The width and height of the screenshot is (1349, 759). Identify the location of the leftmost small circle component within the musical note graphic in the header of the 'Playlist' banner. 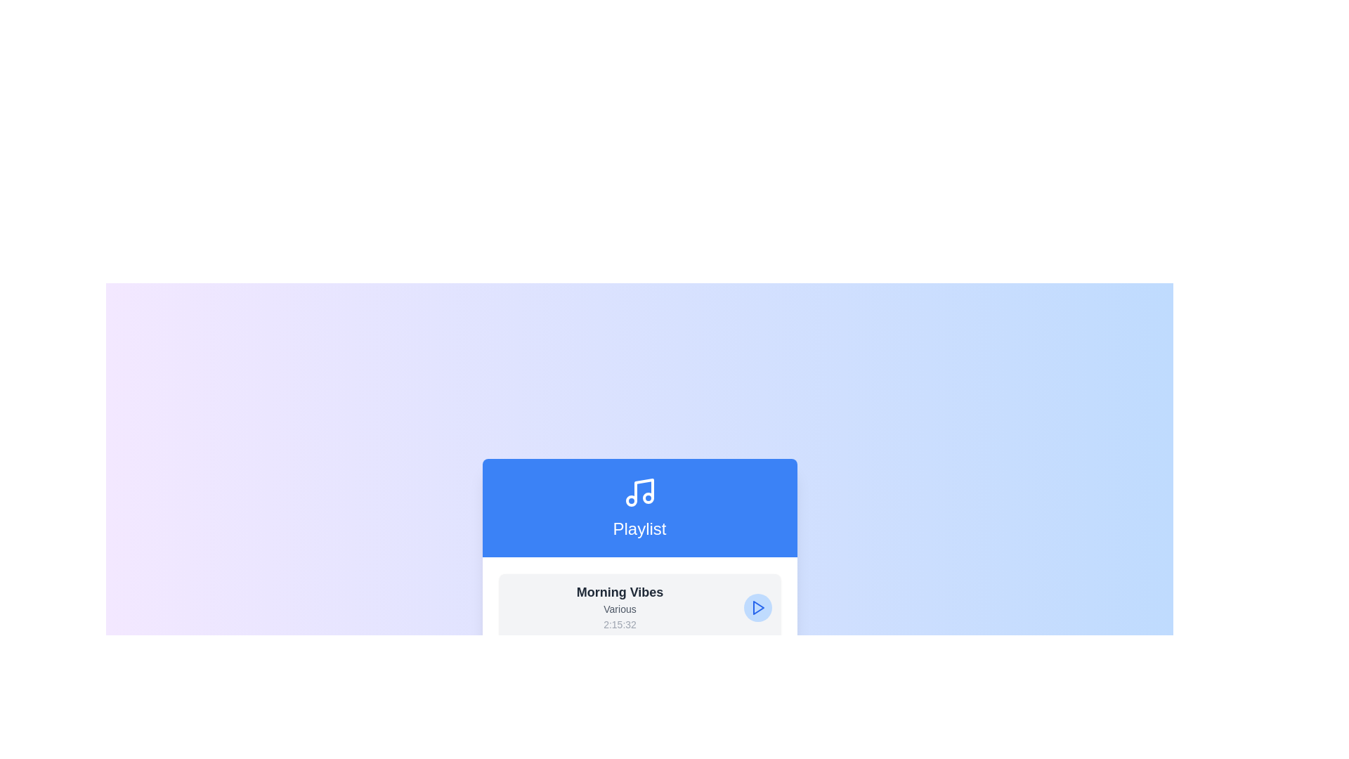
(630, 500).